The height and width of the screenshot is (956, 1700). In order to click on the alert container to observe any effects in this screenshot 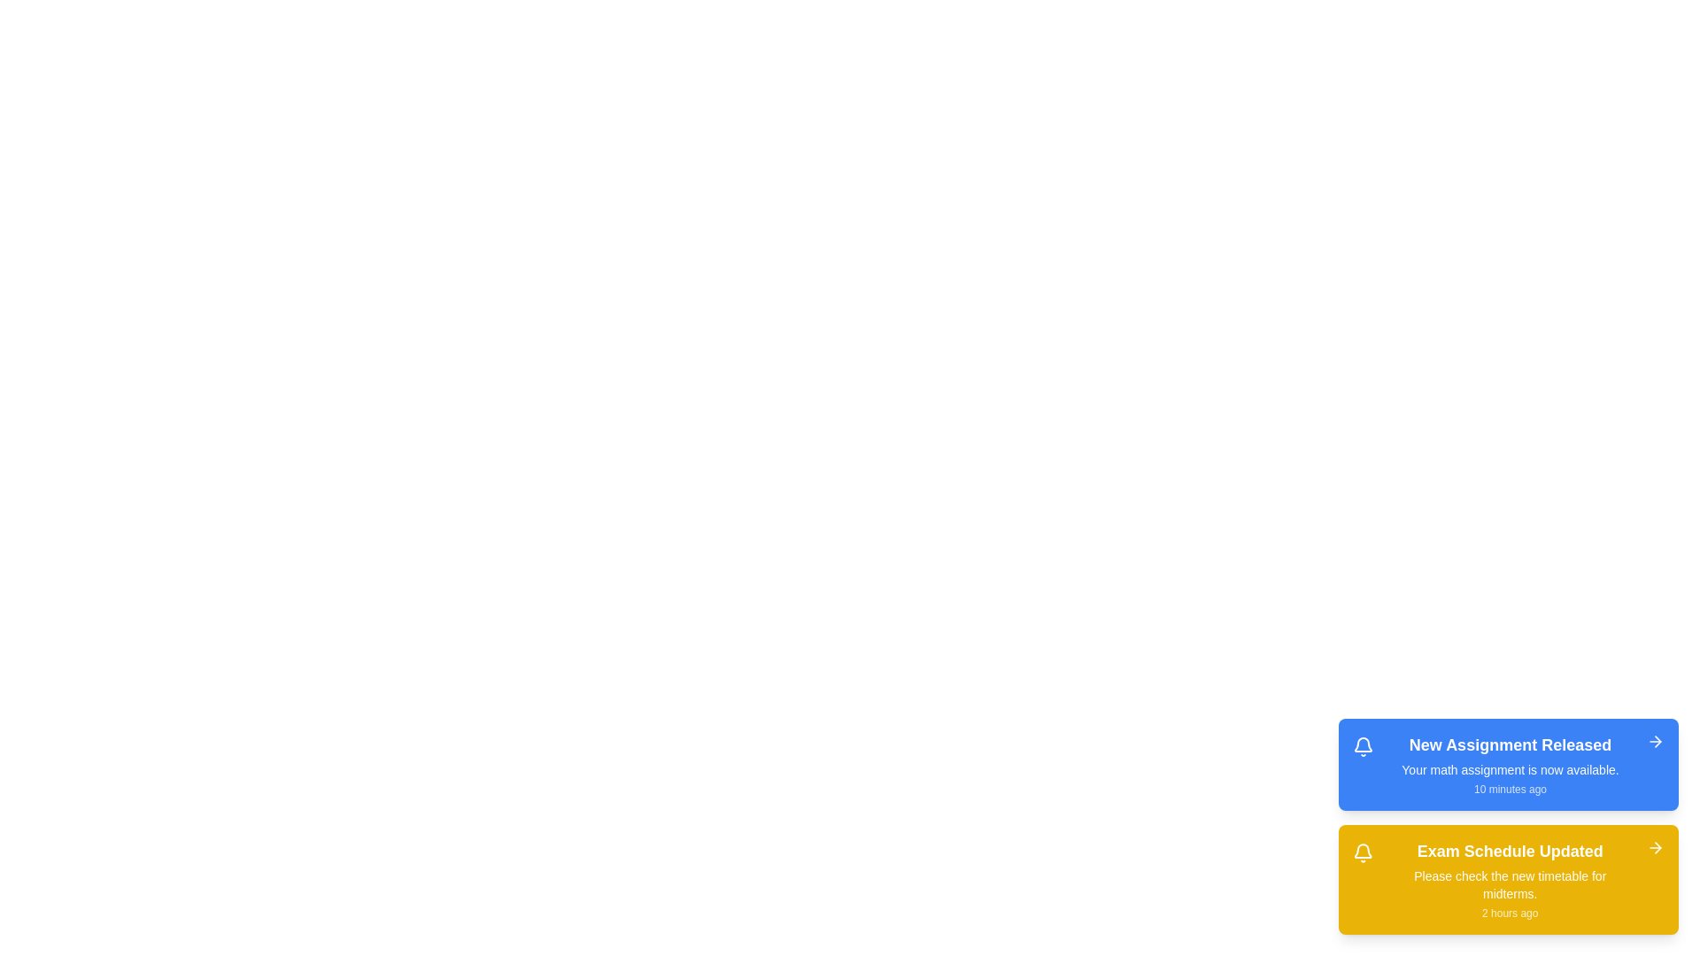, I will do `click(1508, 826)`.